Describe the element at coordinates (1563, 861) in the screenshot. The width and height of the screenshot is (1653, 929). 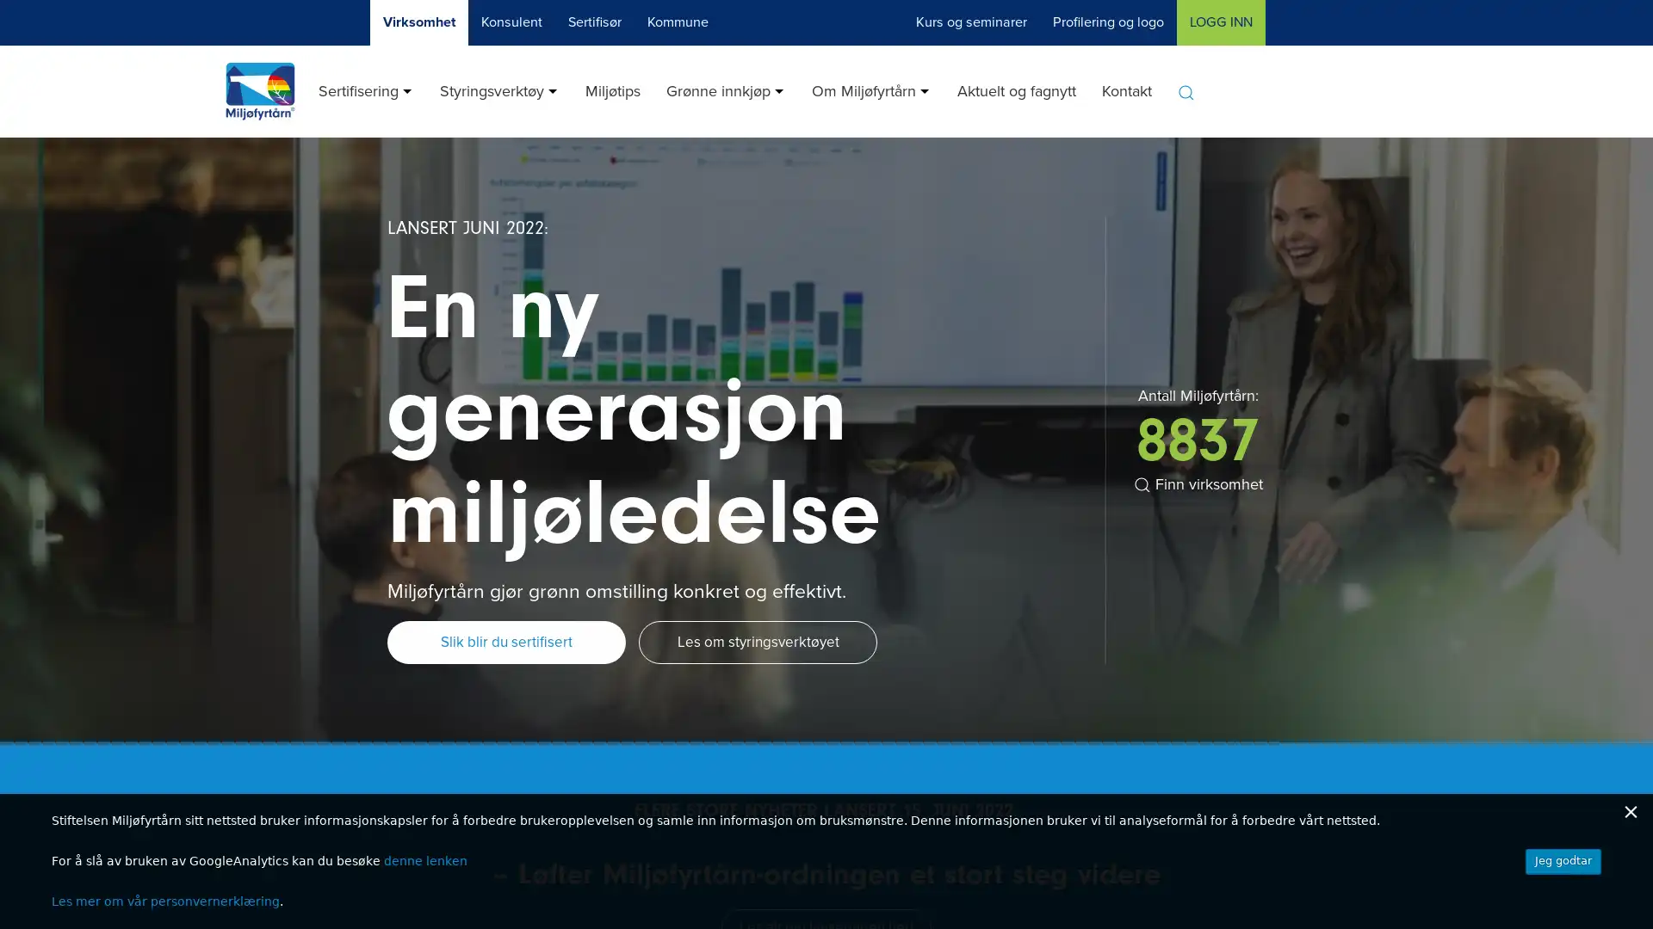
I see `Jeg godtar` at that location.